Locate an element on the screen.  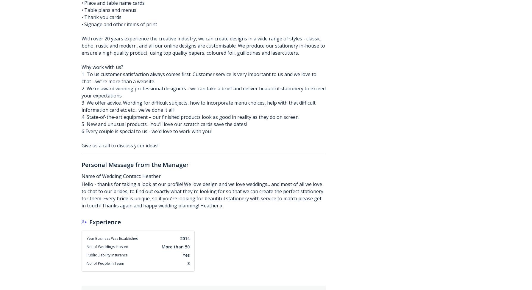
'Experience' is located at coordinates (104, 222).